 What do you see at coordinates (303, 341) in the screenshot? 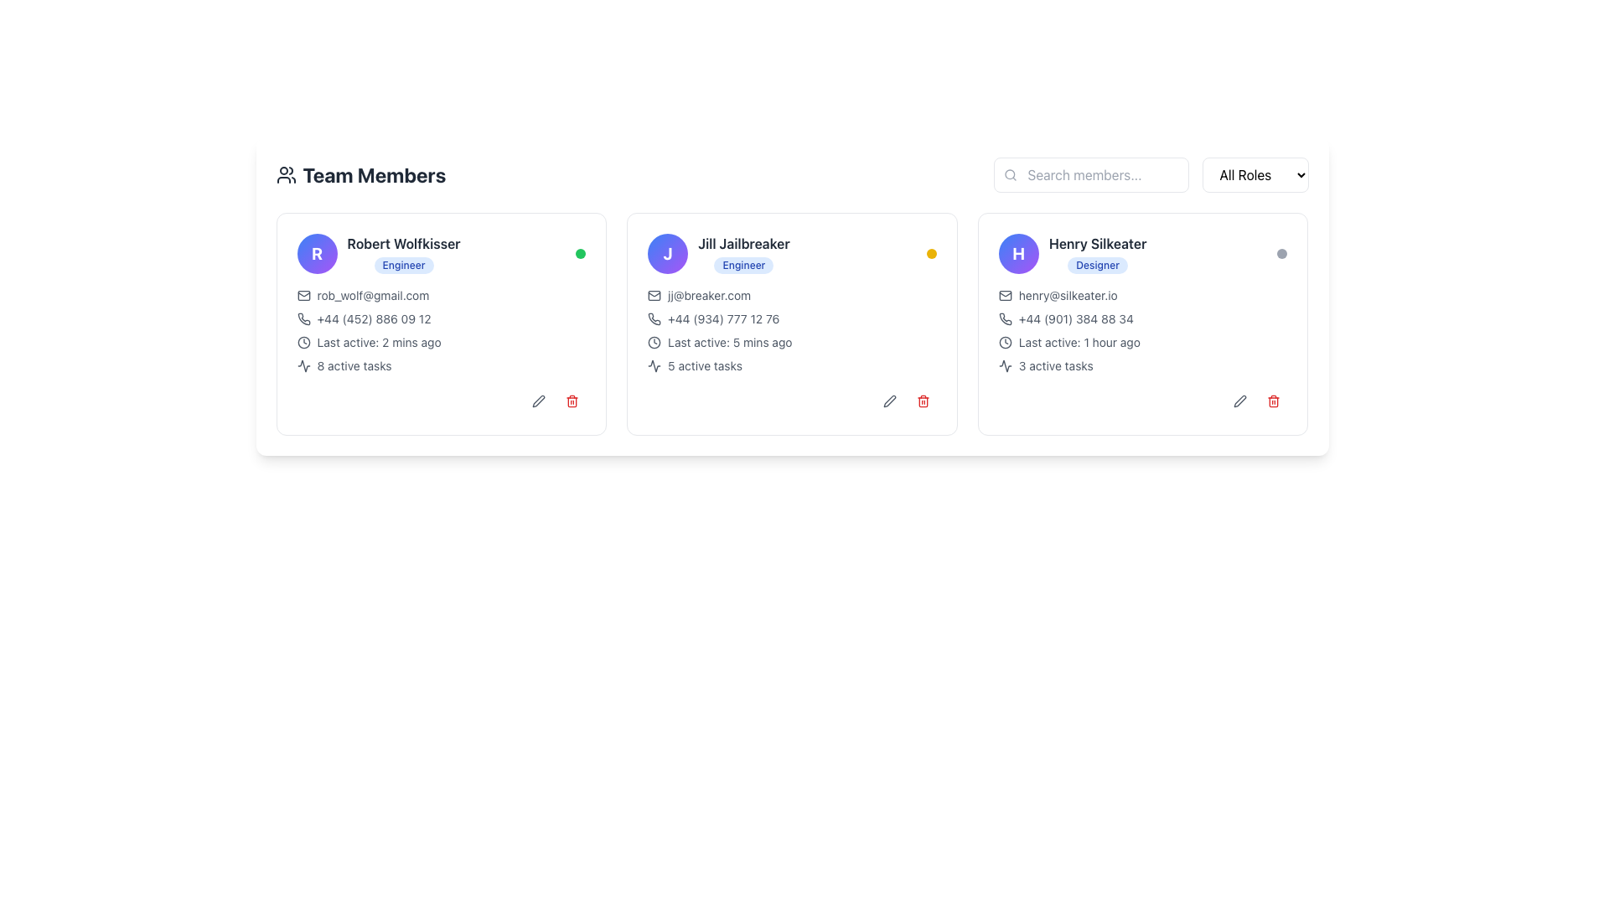
I see `the SVG circle element that is part of the clock icon next to the 'Last active' text in Robert Wolfkisser's profile card` at bounding box center [303, 341].